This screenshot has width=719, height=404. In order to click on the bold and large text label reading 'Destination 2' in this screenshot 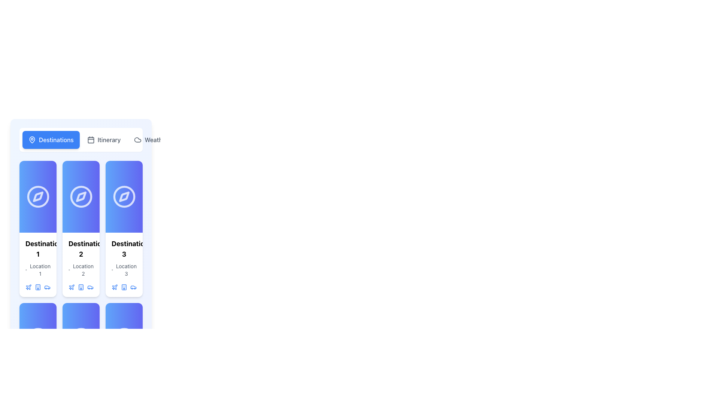, I will do `click(81, 249)`.